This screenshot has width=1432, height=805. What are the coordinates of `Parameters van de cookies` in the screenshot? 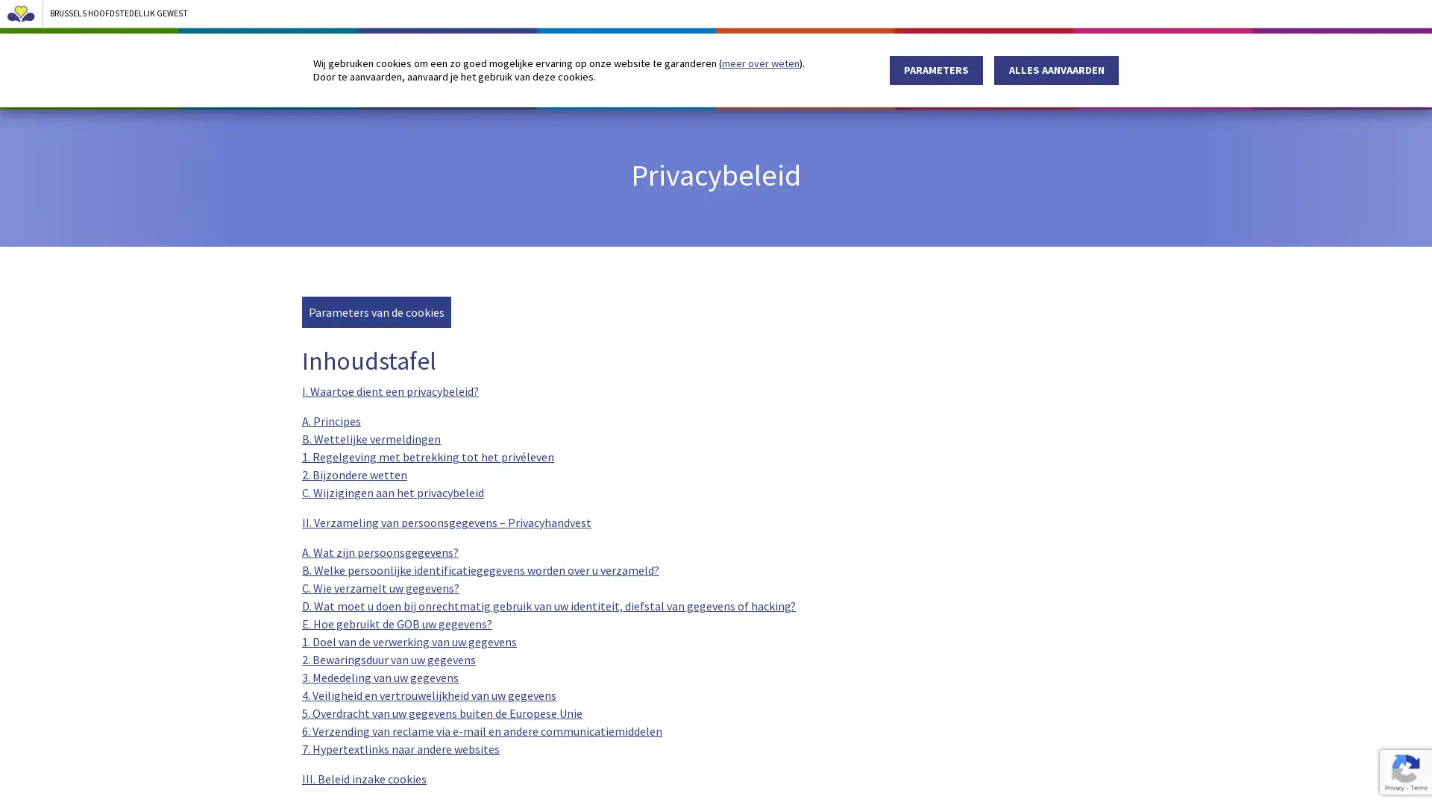 It's located at (376, 312).